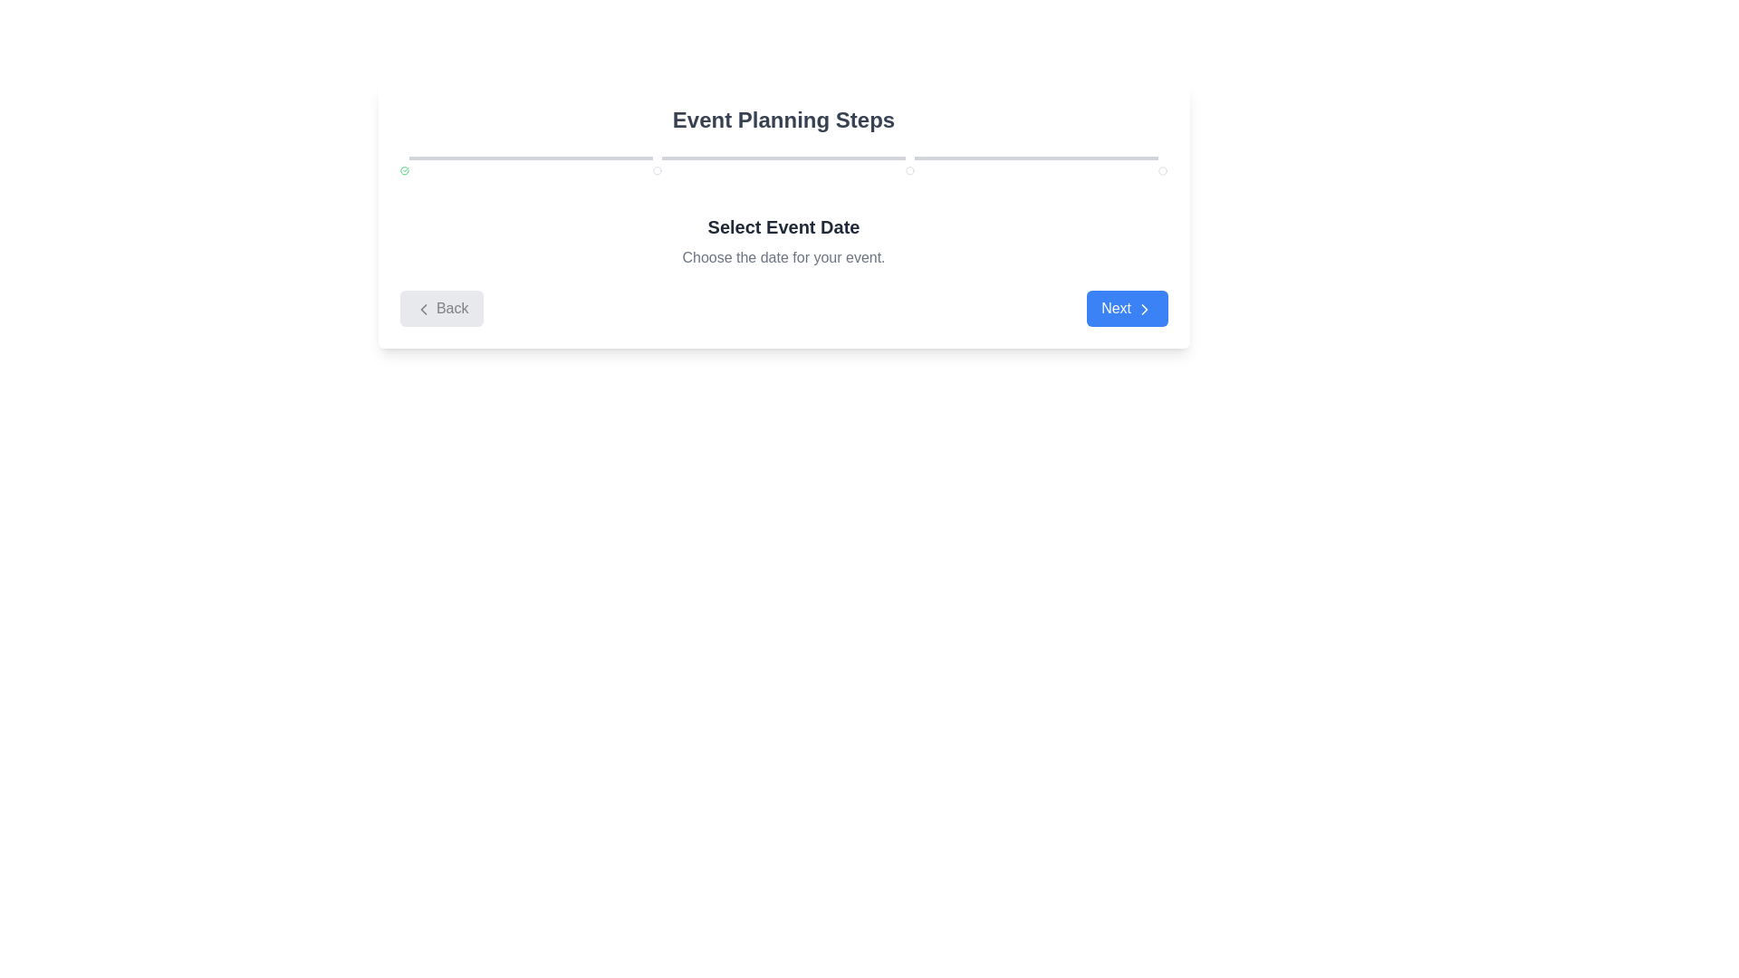  I want to click on around the second segment of the progress bar, which visually represents a portion of progress within a horizontal progress indicator, so click(783, 157).